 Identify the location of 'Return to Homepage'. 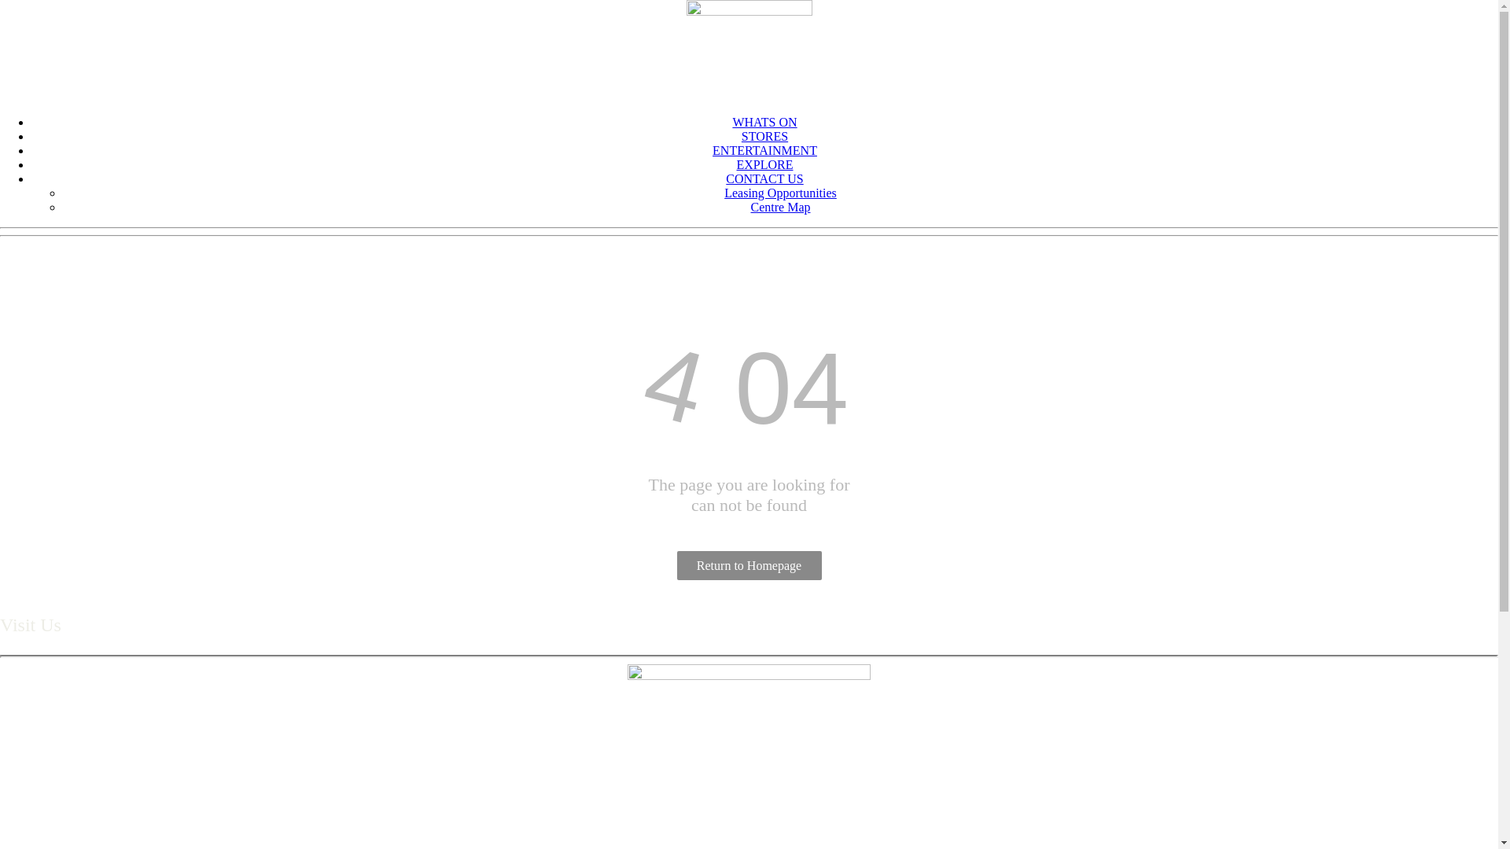
(747, 564).